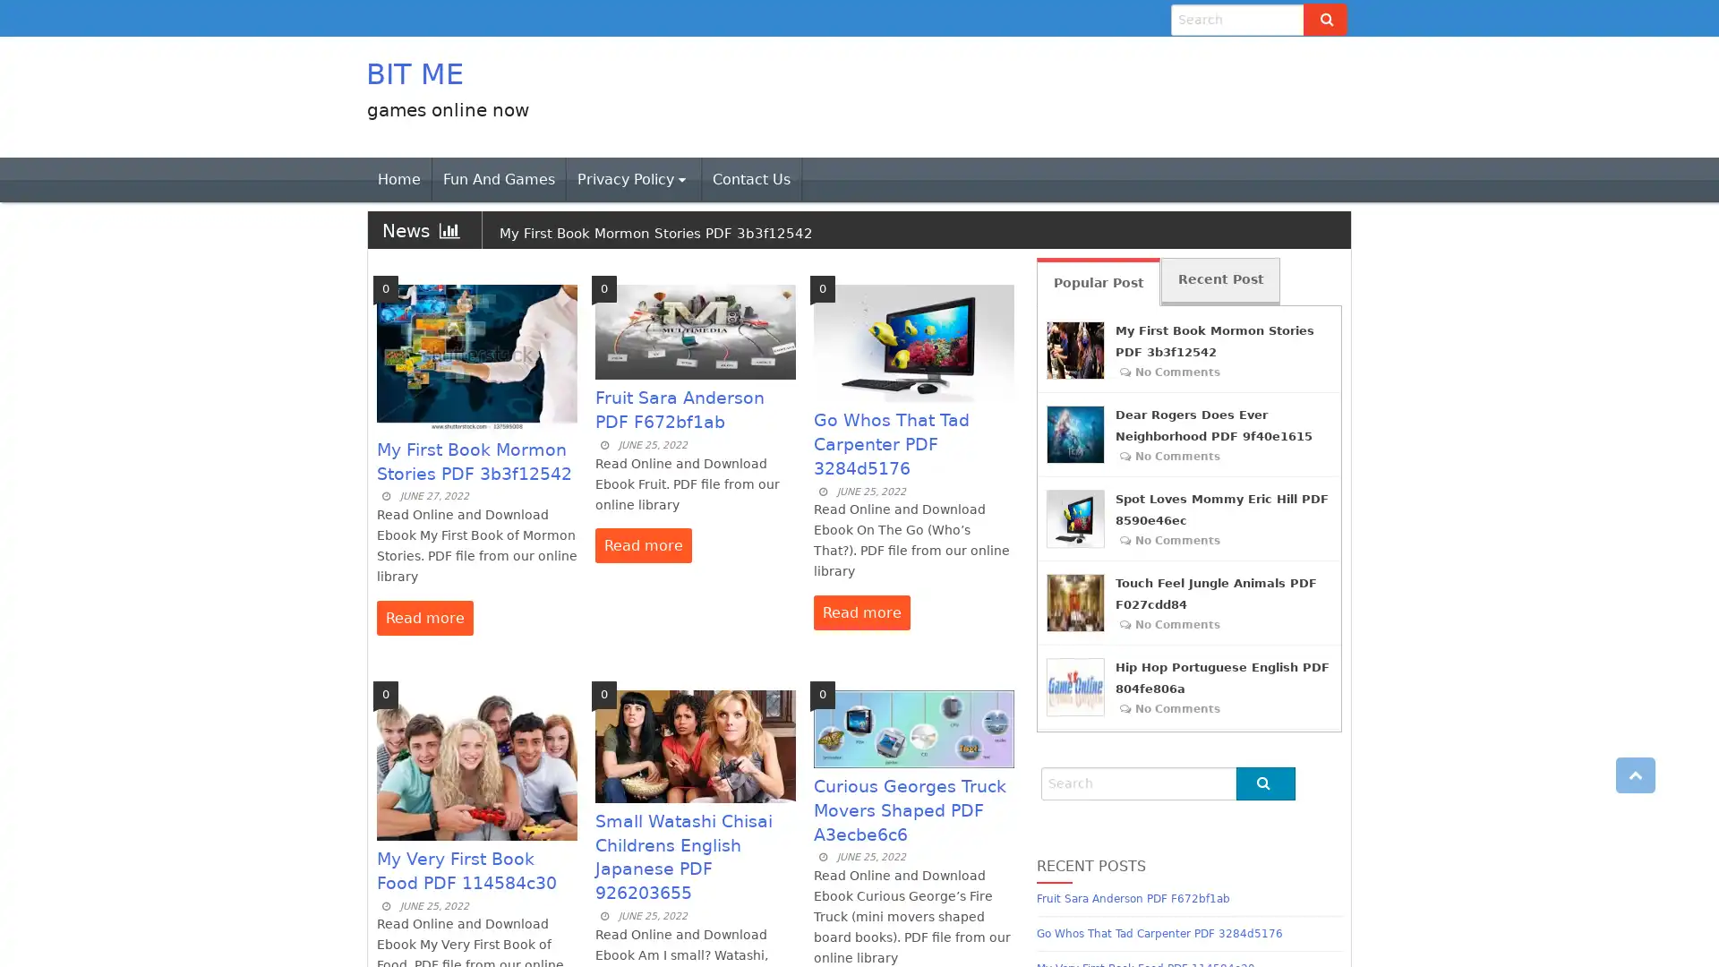 The image size is (1719, 967). I want to click on Go, so click(1265, 782).